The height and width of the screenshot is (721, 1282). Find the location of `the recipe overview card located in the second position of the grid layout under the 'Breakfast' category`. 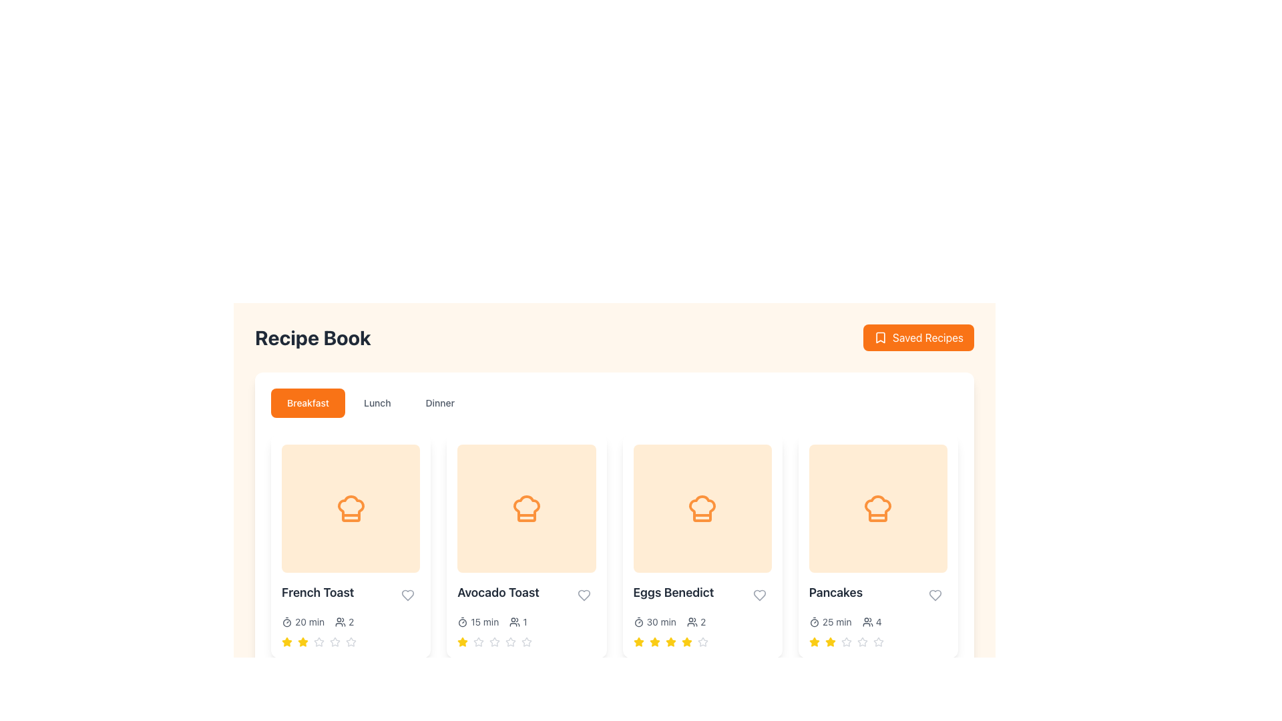

the recipe overview card located in the second position of the grid layout under the 'Breakfast' category is located at coordinates (525, 545).